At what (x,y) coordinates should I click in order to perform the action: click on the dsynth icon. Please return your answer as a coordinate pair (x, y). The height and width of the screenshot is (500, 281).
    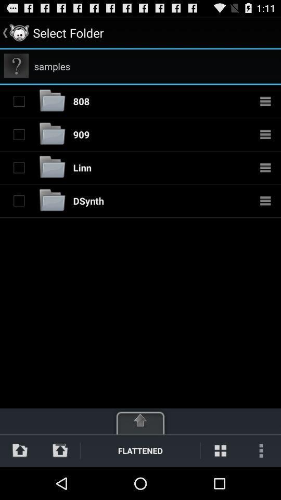
    Looking at the image, I should click on (88, 200).